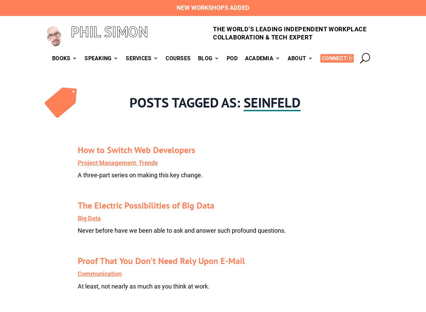 This screenshot has width=426, height=312. I want to click on 'Too Big to Ignore', so click(209, 132).